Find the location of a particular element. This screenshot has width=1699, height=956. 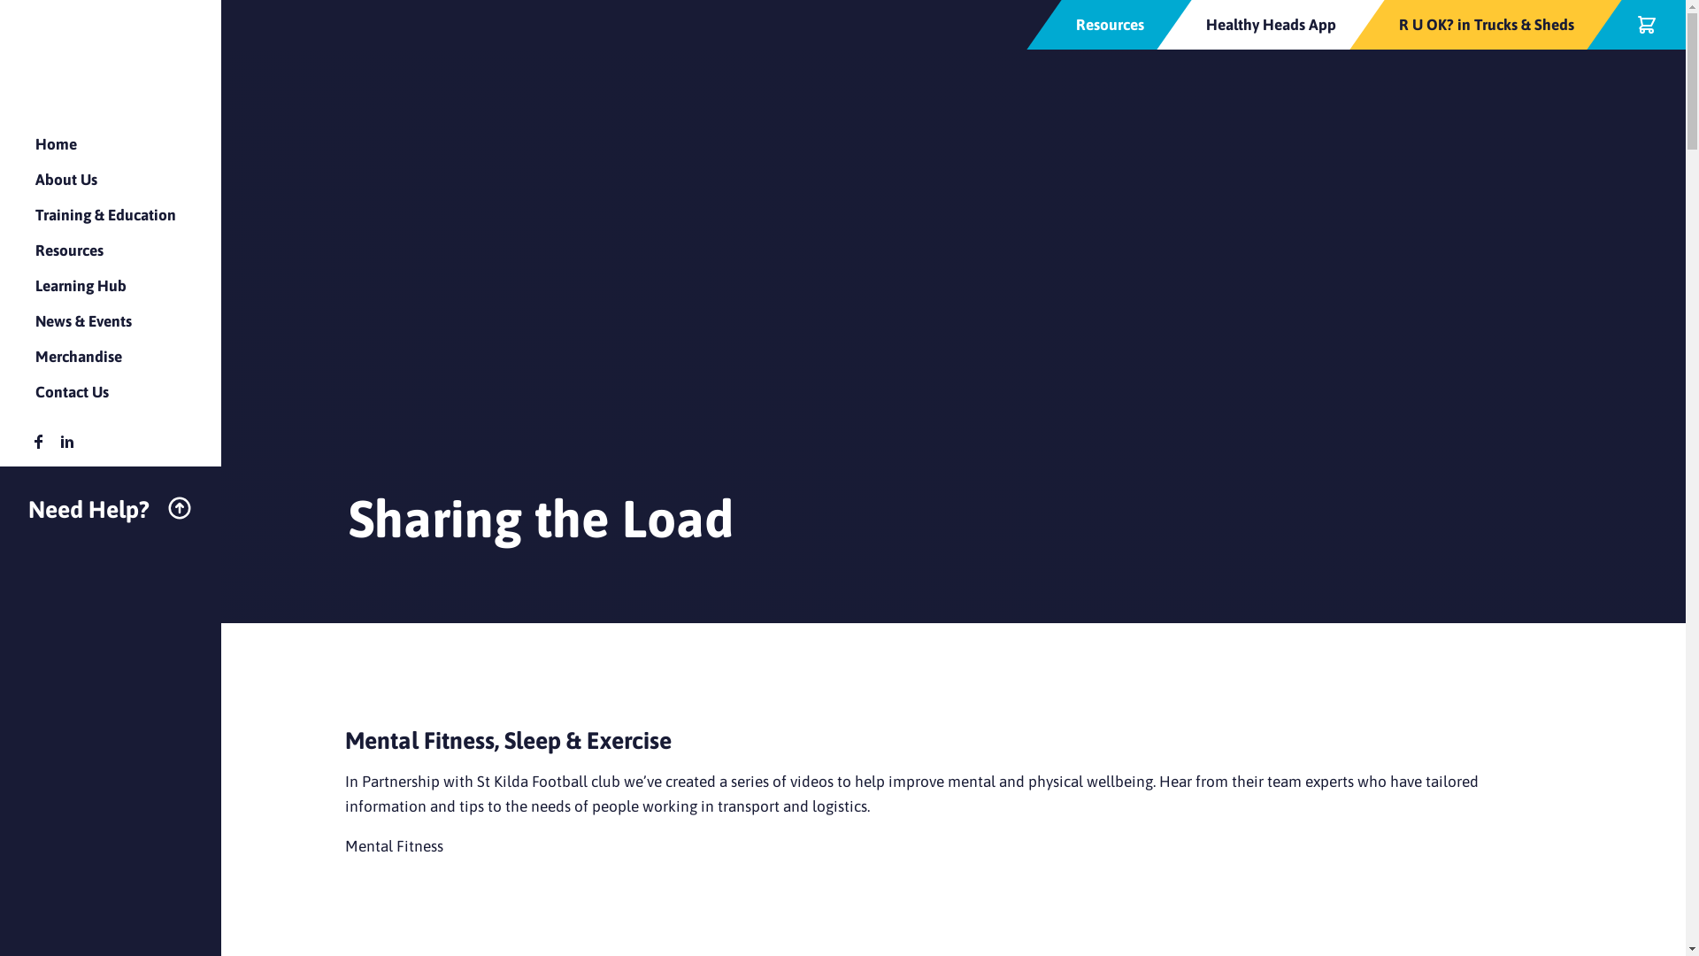

'Resources' is located at coordinates (1109, 24).